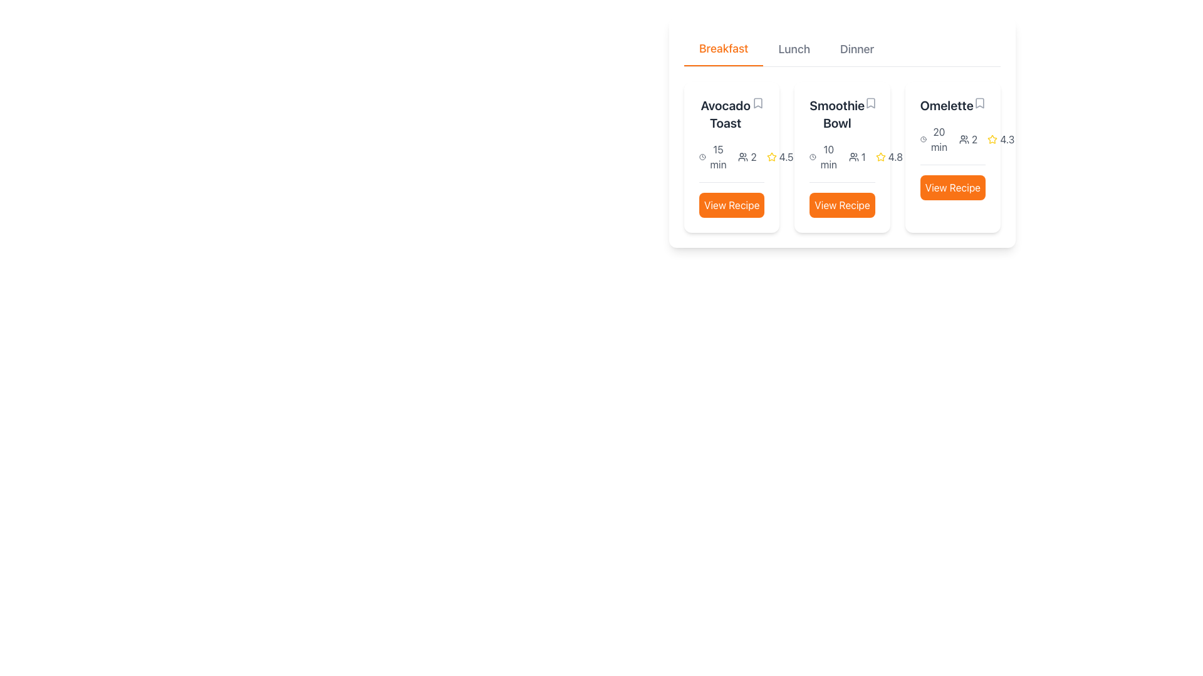 Image resolution: width=1203 pixels, height=676 pixels. What do you see at coordinates (702, 156) in the screenshot?
I see `the circular icon resembling a clock face within the 'Breakfast' section of the options under 'Avocado Toast'` at bounding box center [702, 156].